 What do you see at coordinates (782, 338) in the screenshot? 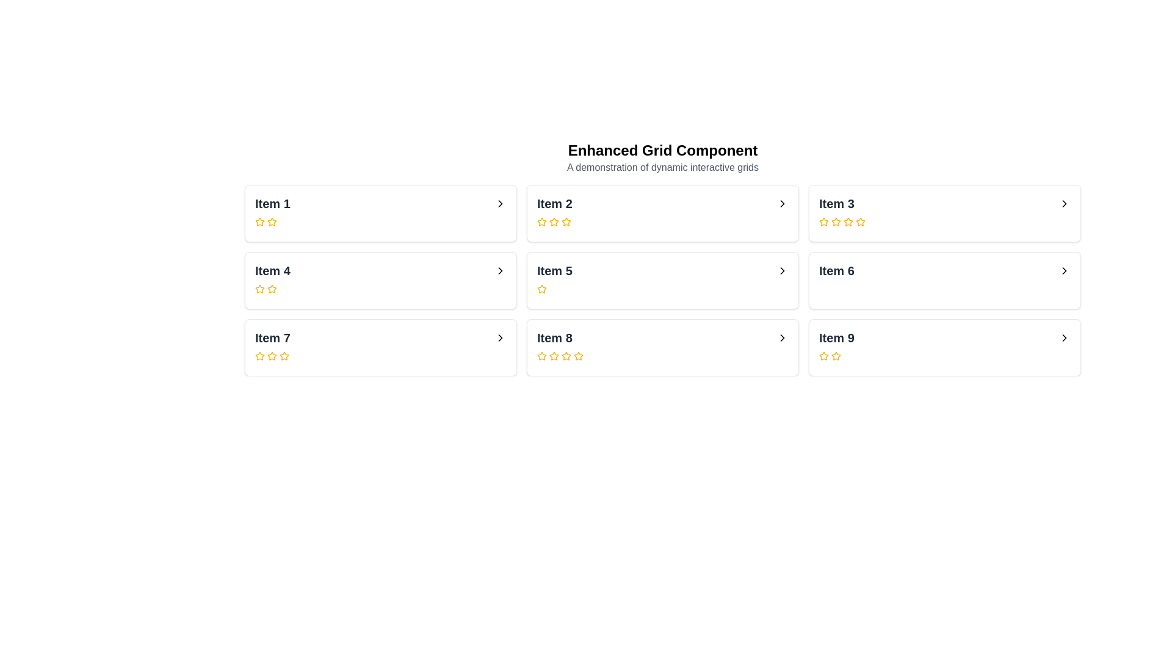
I see `the chevron icon on the far right side of the 'Item 8' listing` at bounding box center [782, 338].